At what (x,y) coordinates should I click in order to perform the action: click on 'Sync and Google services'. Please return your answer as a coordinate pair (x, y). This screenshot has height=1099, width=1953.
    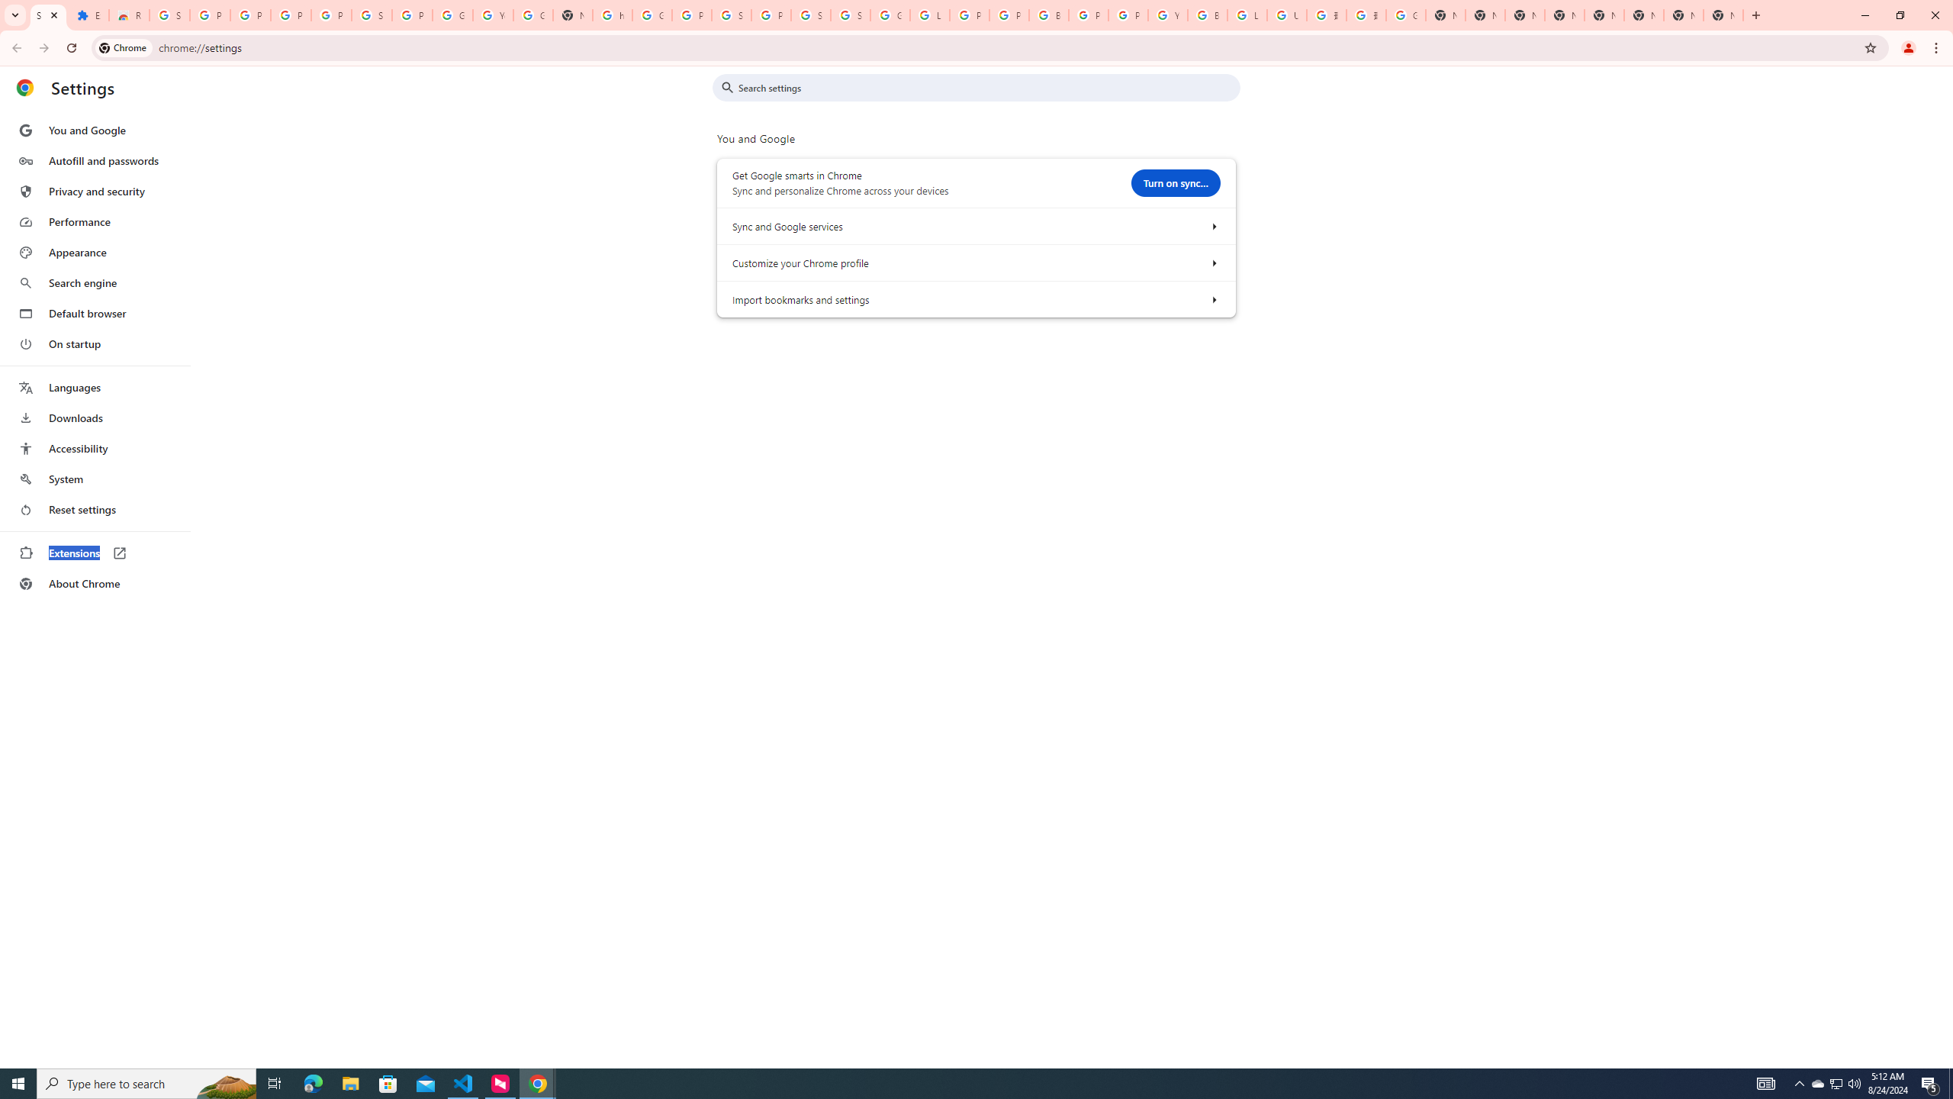
    Looking at the image, I should click on (1213, 224).